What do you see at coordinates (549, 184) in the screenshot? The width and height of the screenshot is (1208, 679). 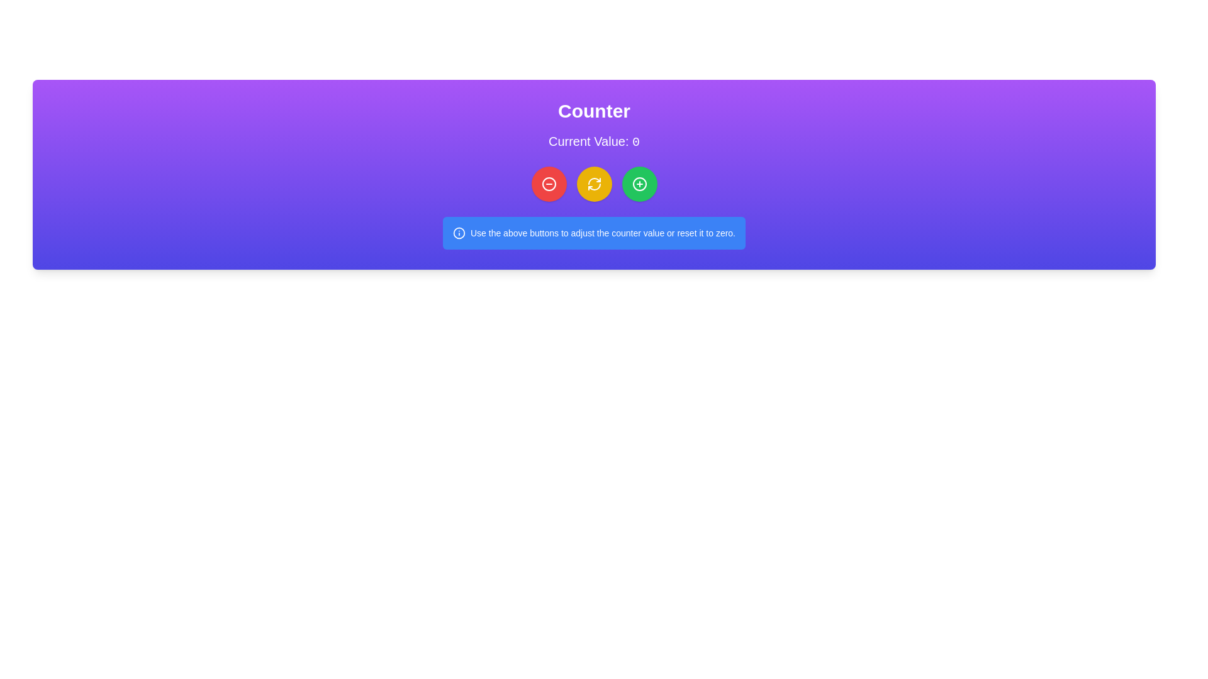 I see `the red decrement button, which features a 'minus' icon, to observe its interactive style changes` at bounding box center [549, 184].